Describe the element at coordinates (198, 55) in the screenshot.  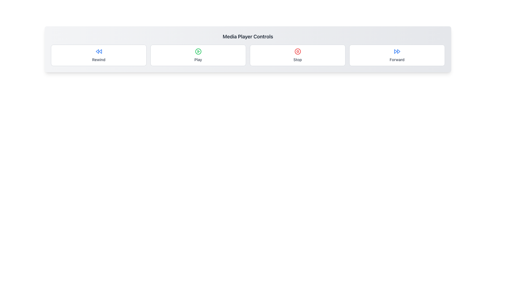
I see `the 'Play' button in the media player interface` at that location.